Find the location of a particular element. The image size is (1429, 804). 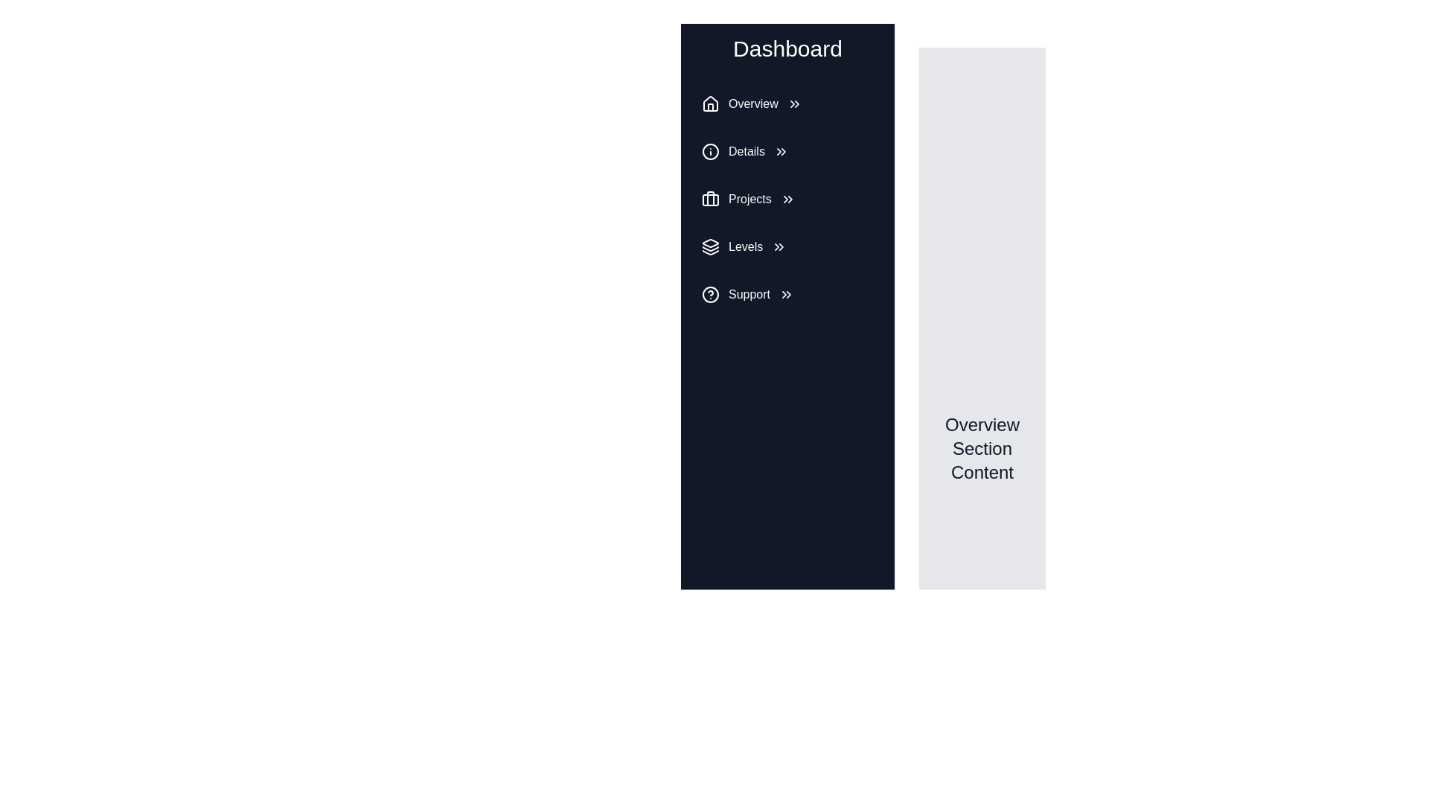

the 'Details' icon located in the sidebar menu, positioned at the leftmost side next to the 'Details' label is located at coordinates (710, 152).